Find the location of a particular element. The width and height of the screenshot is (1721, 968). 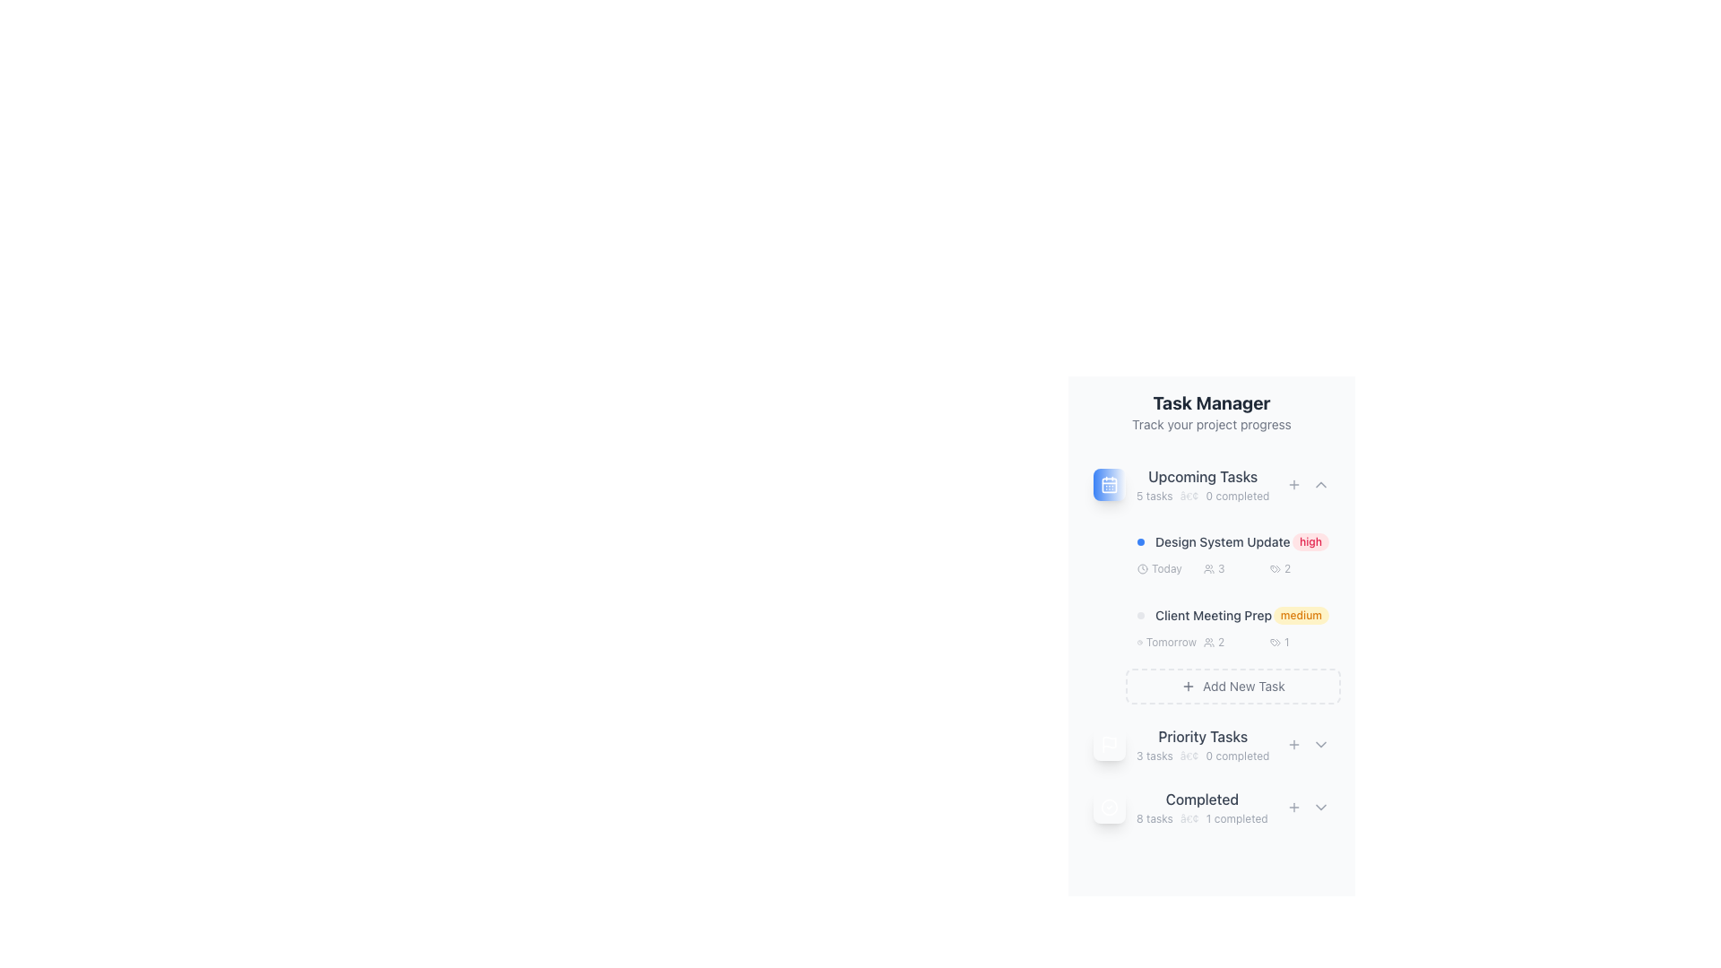

the chevron in the Summary card component is located at coordinates (1212, 808).